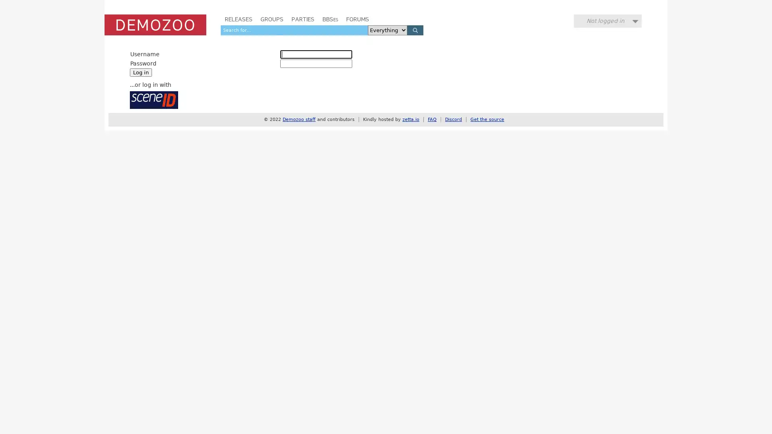 The image size is (772, 434). What do you see at coordinates (141, 72) in the screenshot?
I see `Log in` at bounding box center [141, 72].